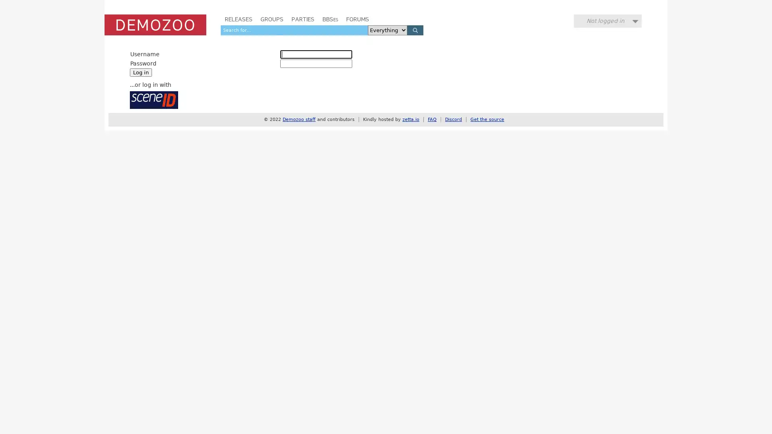 The image size is (772, 434). What do you see at coordinates (141, 72) in the screenshot?
I see `Log in` at bounding box center [141, 72].